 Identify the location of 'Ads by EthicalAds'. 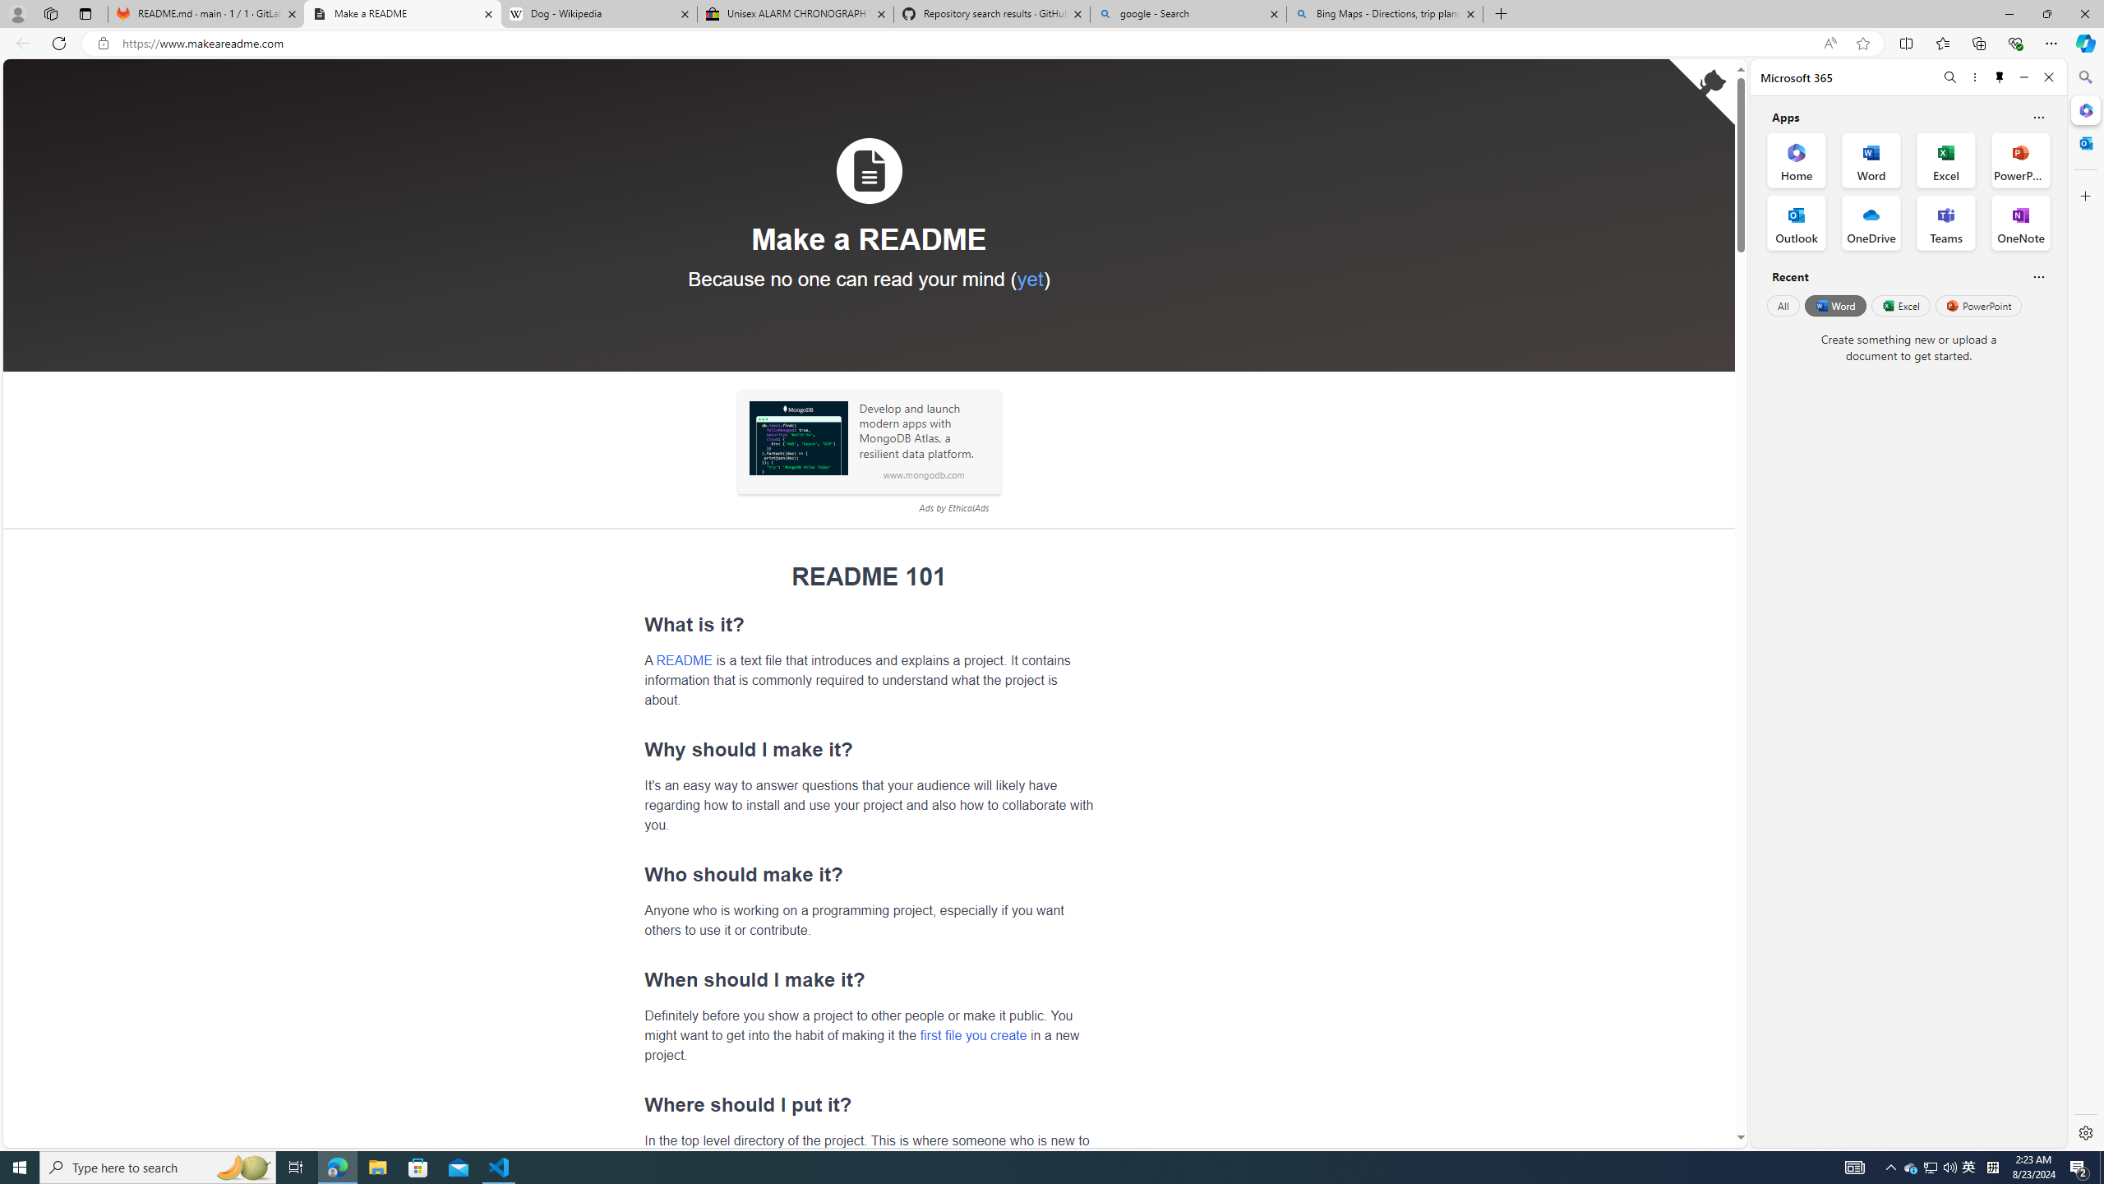
(953, 507).